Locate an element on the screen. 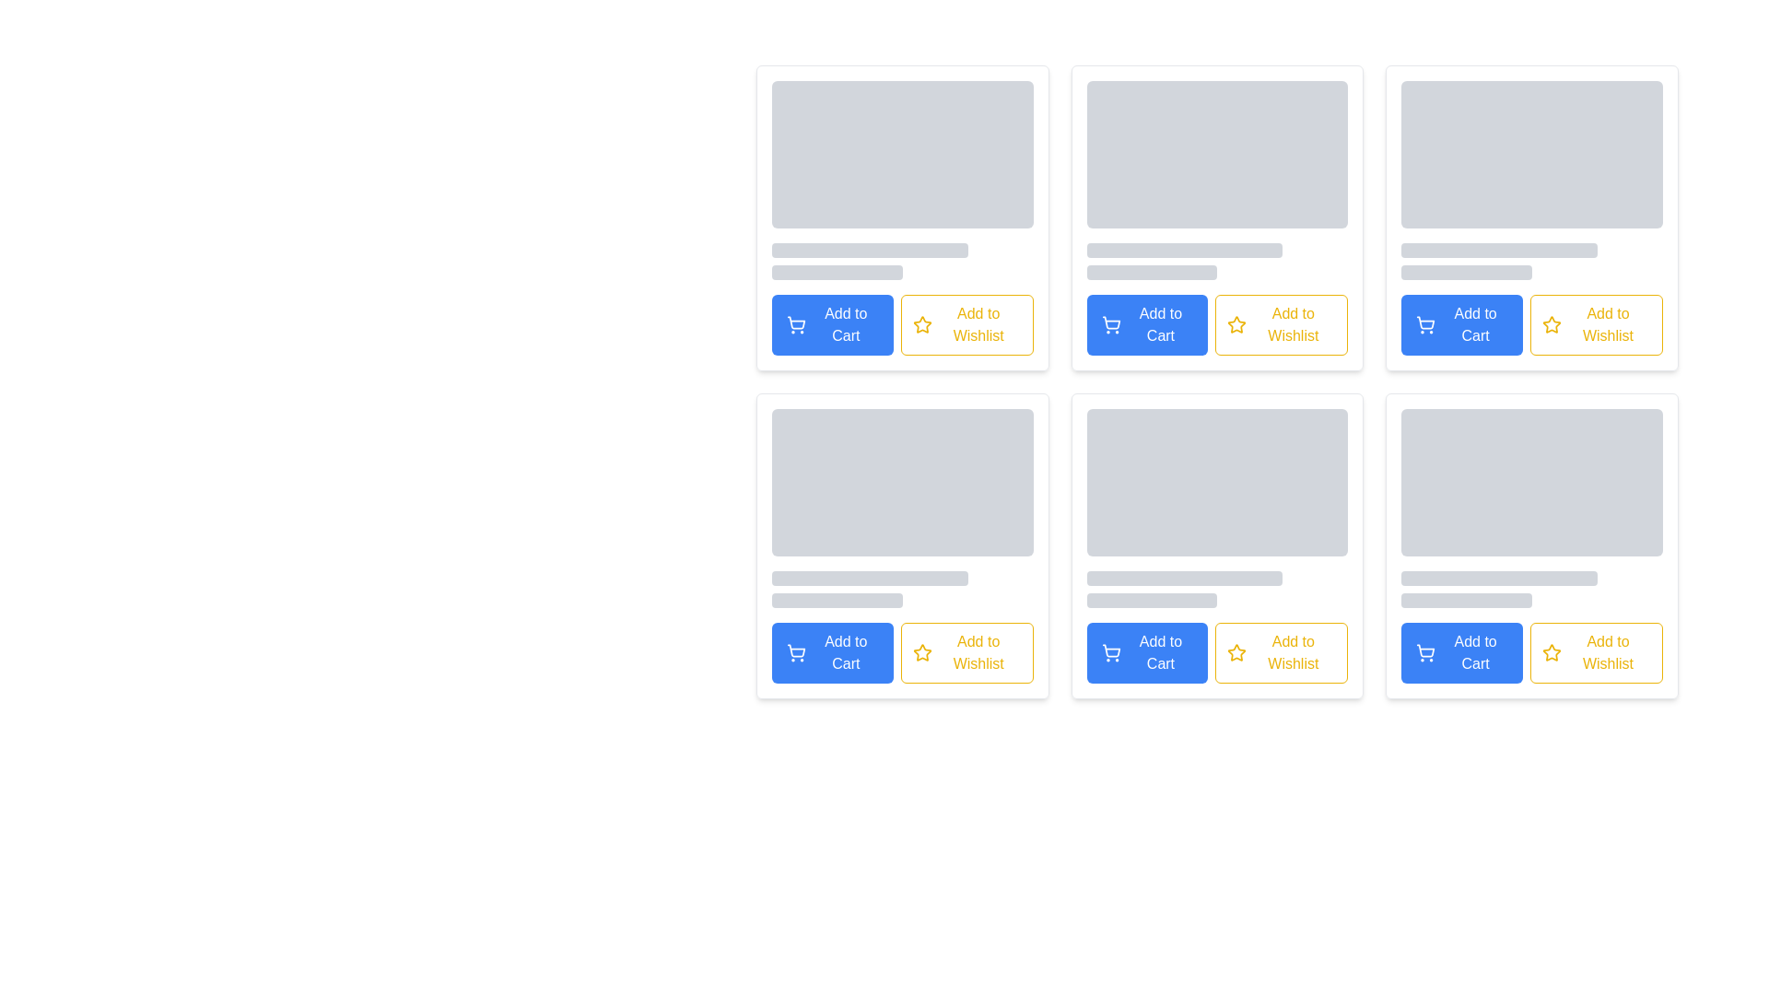  the rectangular Placeholder or Loading Indicator with a light gray background, located in the second row, first column of the grid, positioned above the 'Add to Cart' and 'Add to Wishlist' buttons is located at coordinates (902, 508).